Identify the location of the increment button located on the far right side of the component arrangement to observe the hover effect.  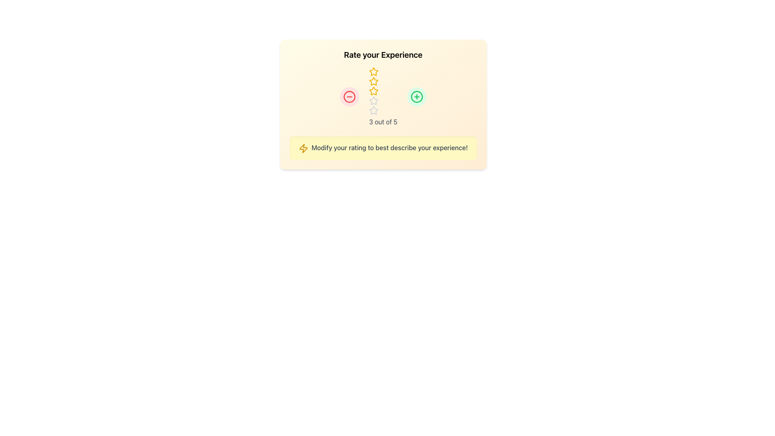
(417, 96).